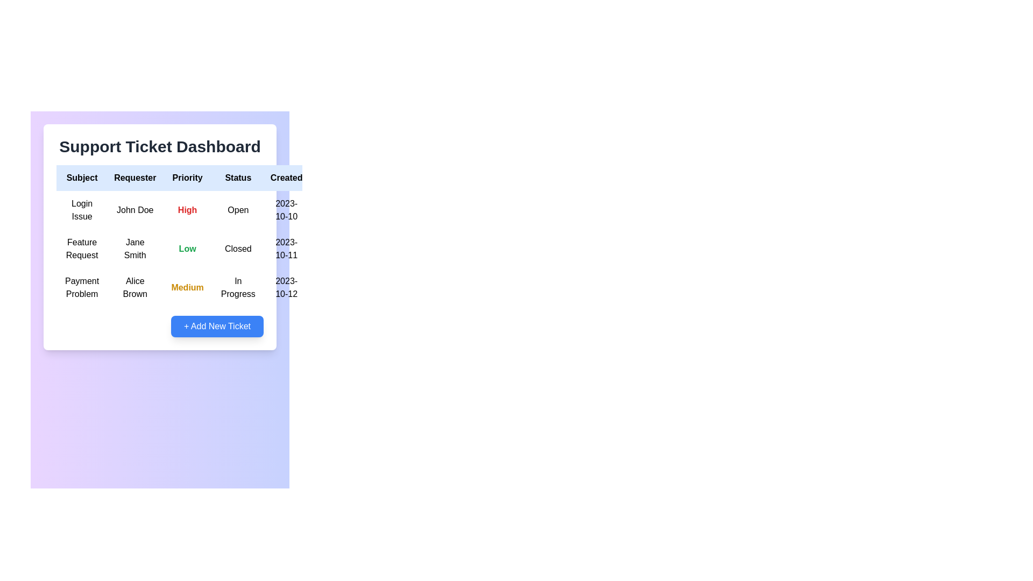  I want to click on the third row in the ticket dashboard interface that contains the subject 'Payment Problem', requester 'Alice Brown', priority 'Medium', status 'In Progress', and creation date '2023-10-12', so click(206, 287).